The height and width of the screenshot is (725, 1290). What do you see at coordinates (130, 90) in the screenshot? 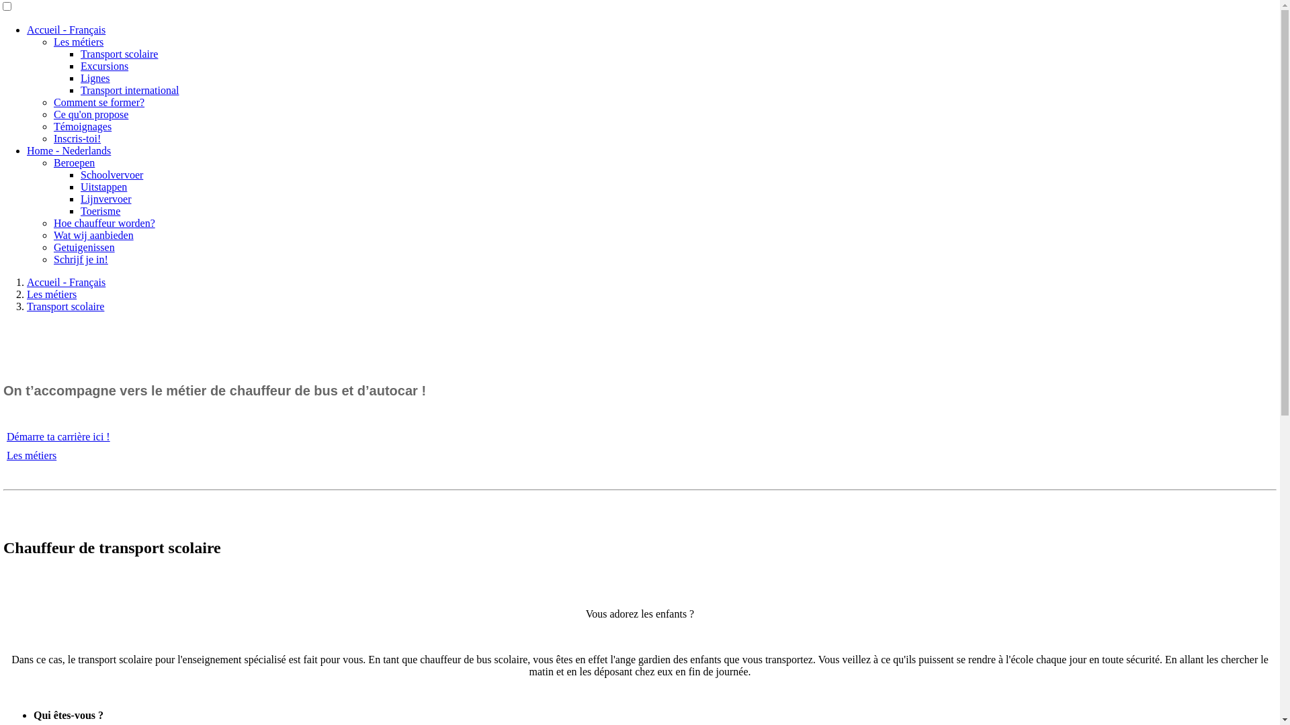
I see `'Transport international'` at bounding box center [130, 90].